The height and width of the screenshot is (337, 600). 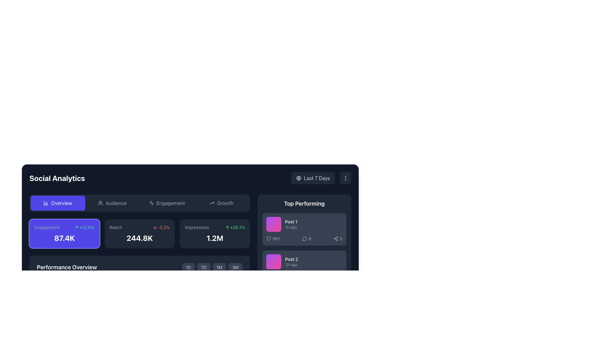 What do you see at coordinates (46, 203) in the screenshot?
I see `the leftmost SVG icon in the navigation bar that represents data-related actions or categories` at bounding box center [46, 203].